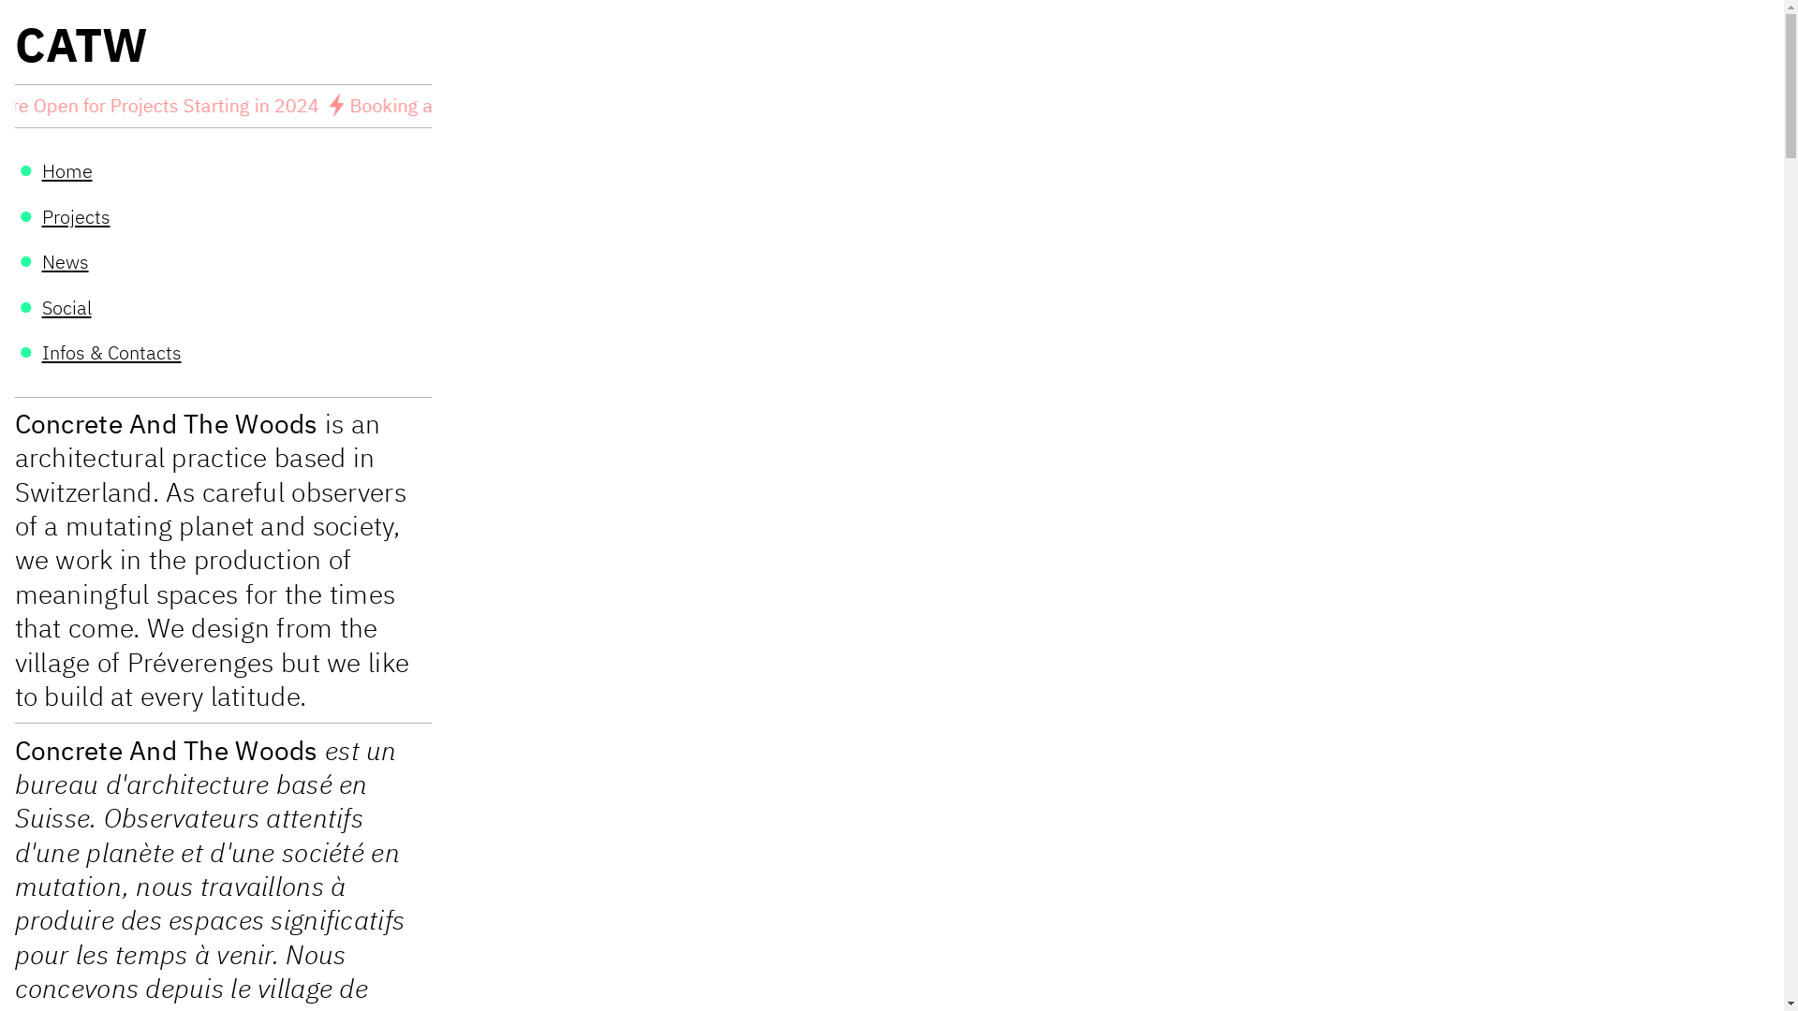 Image resolution: width=1798 pixels, height=1011 pixels. I want to click on 'Home', so click(67, 170).